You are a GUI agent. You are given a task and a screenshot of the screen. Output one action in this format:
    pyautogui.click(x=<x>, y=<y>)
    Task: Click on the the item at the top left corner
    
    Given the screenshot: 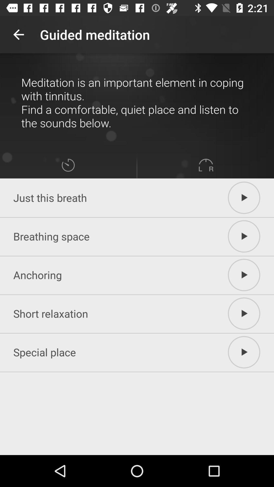 What is the action you would take?
    pyautogui.click(x=18, y=34)
    